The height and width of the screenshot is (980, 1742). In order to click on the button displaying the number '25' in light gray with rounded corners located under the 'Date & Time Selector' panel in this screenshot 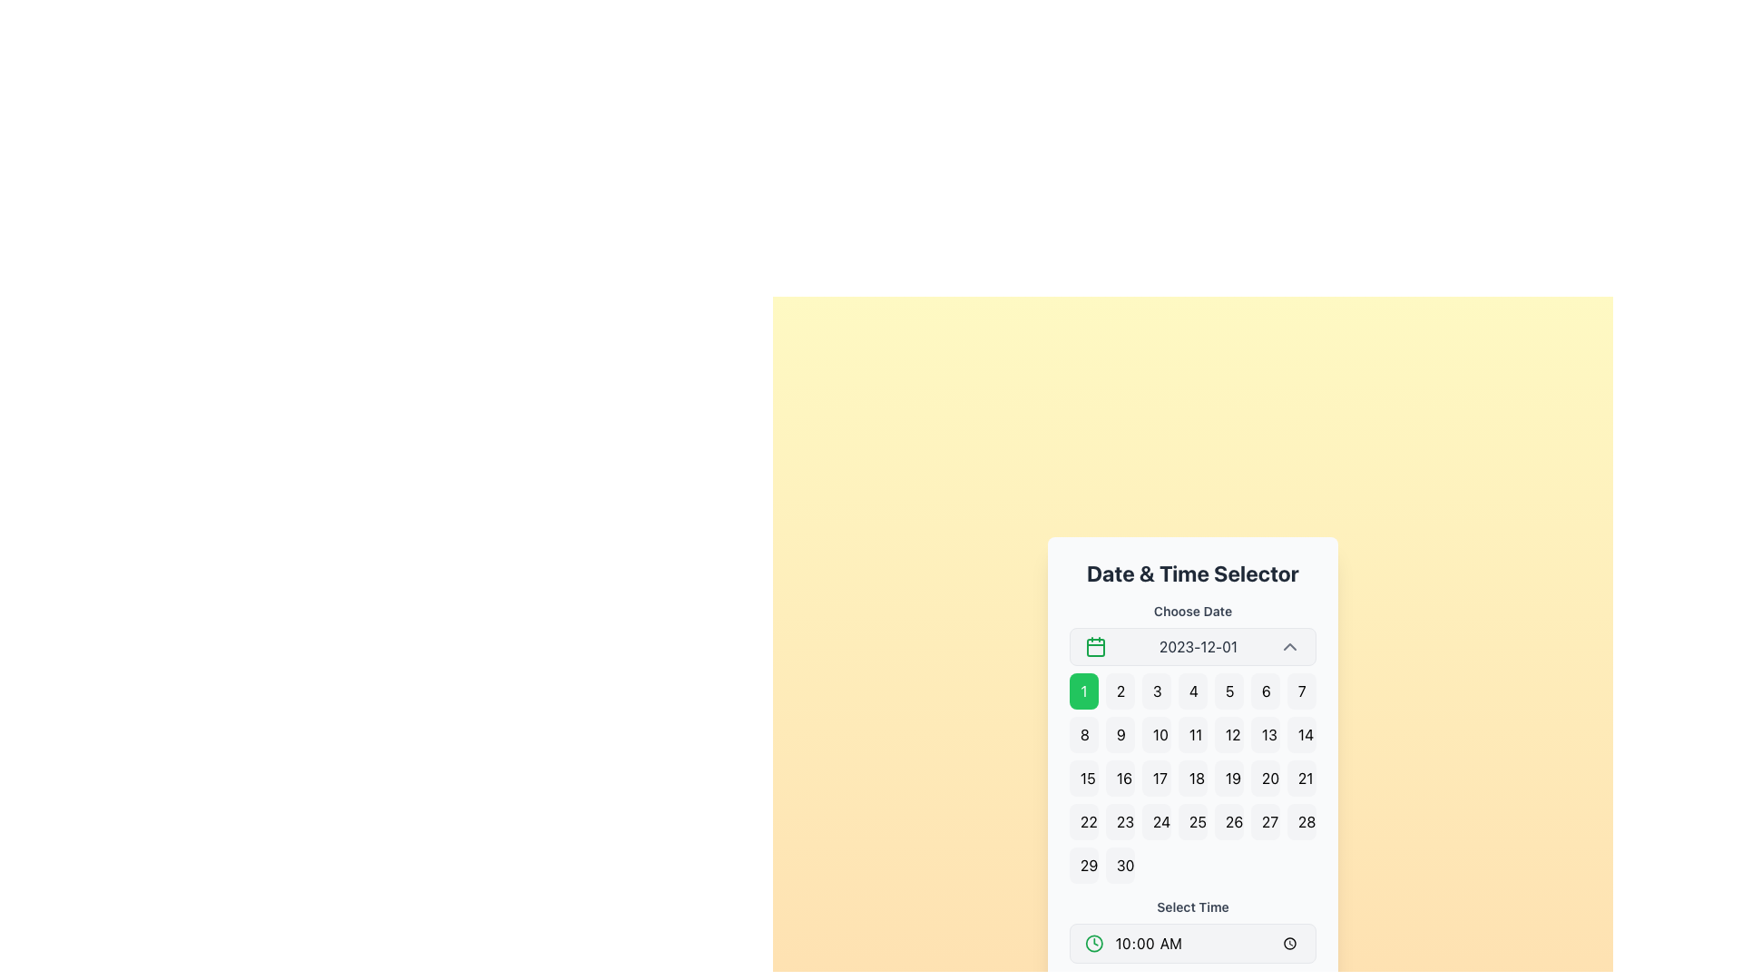, I will do `click(1193, 822)`.